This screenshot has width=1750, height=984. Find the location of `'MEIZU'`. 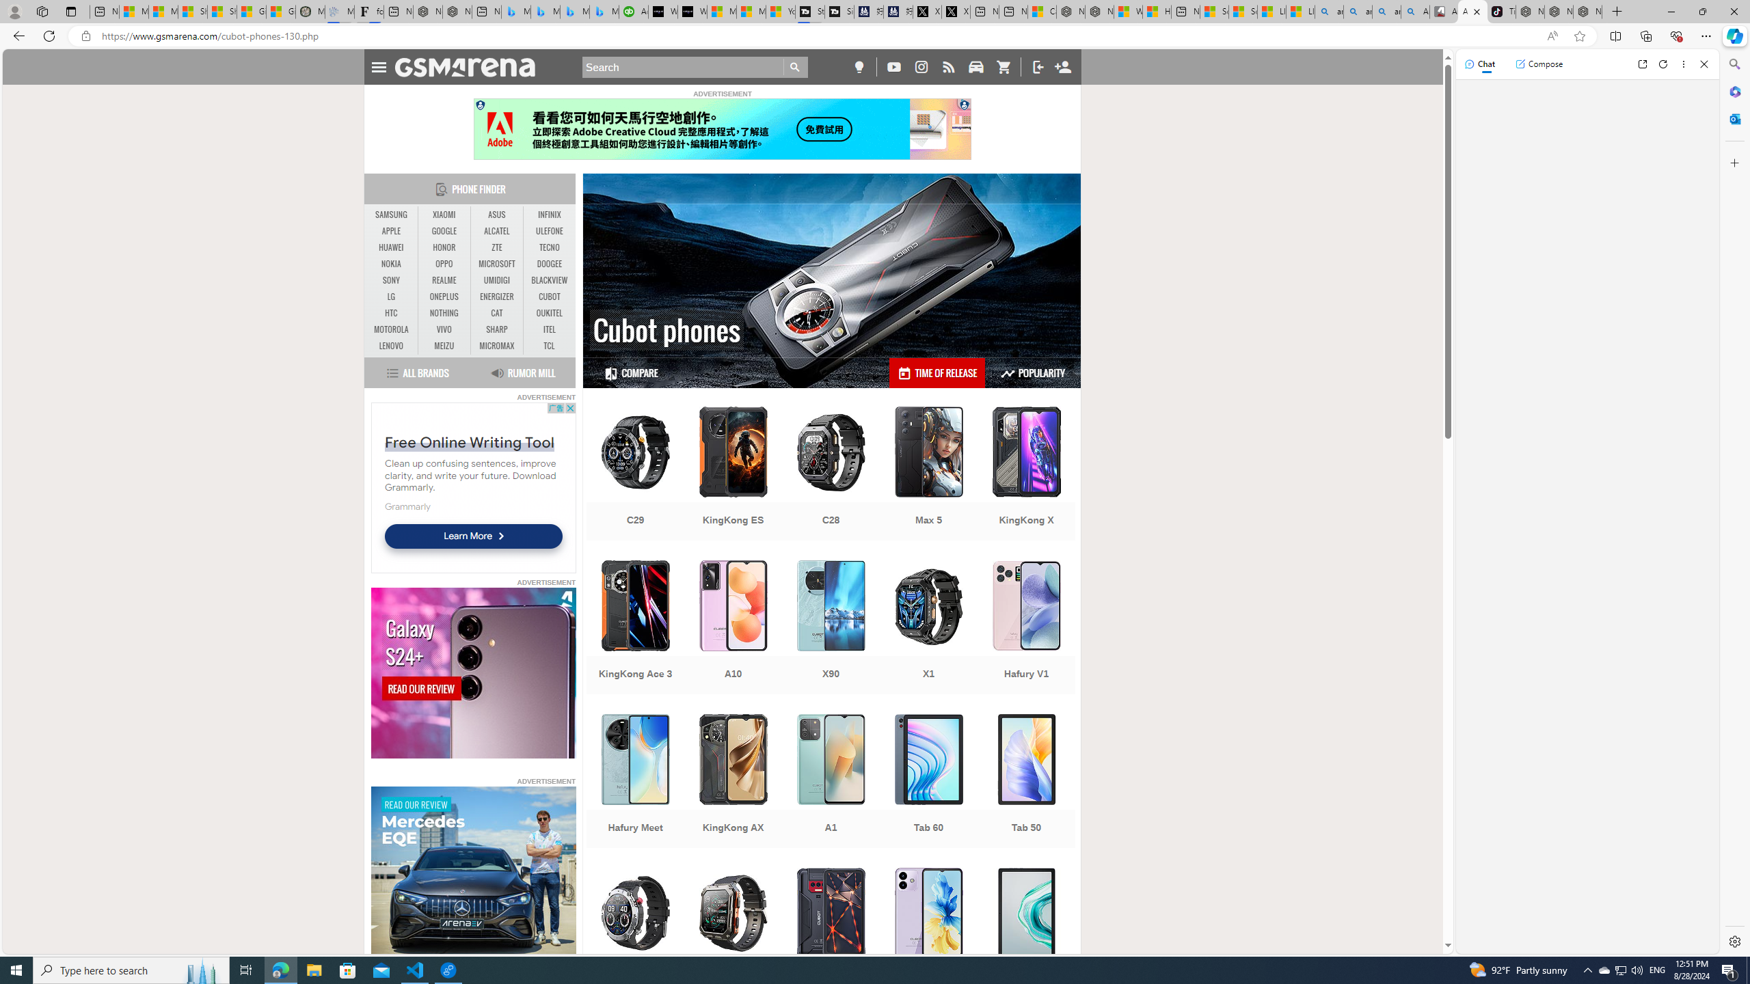

'MEIZU' is located at coordinates (444, 345).